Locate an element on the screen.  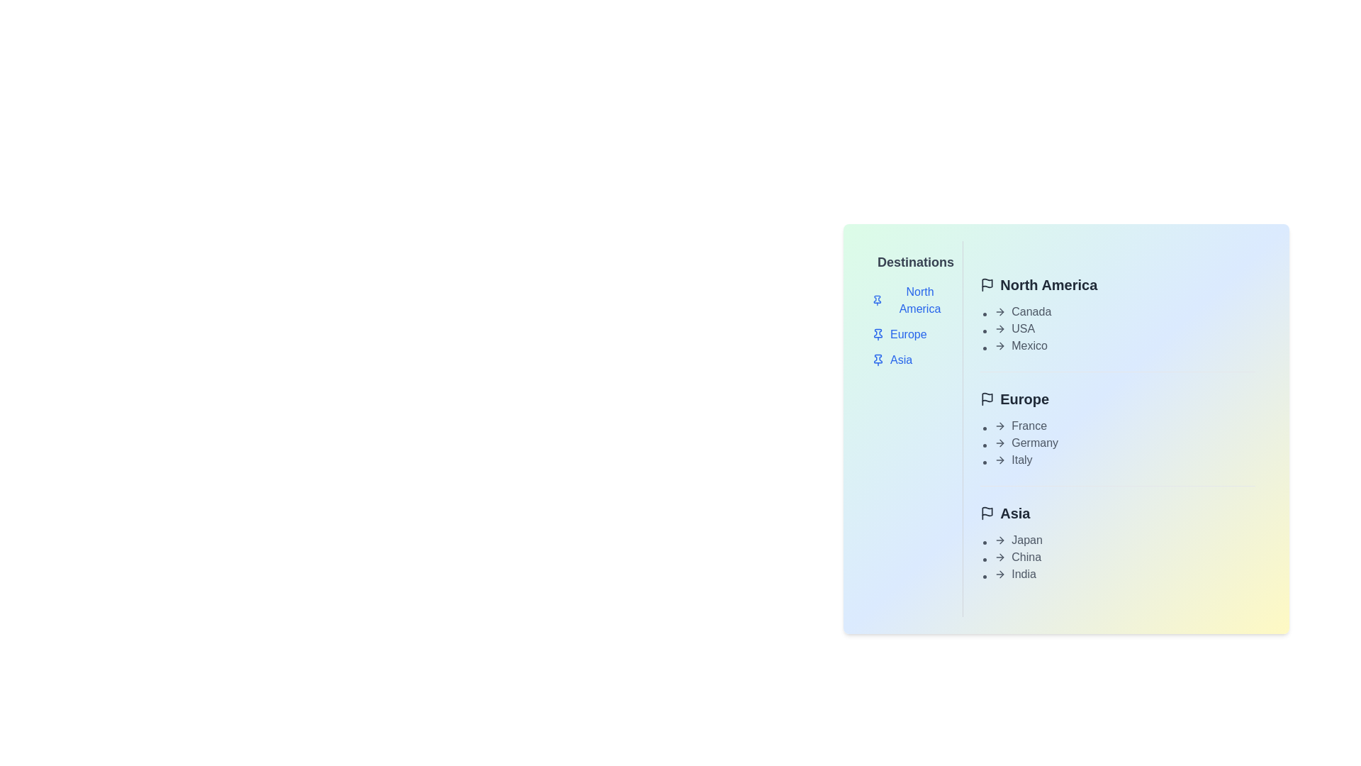
the small, right-facing arrow icon located to the left of the 'France' text under the Europe section of the menu is located at coordinates (999, 426).